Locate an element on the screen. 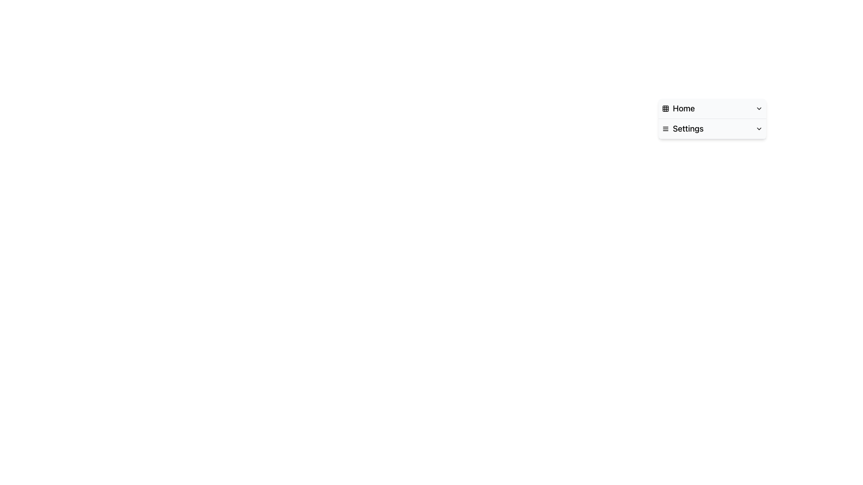  the toggle icon located at the far right of the 'Settings' option in the menu list is located at coordinates (759, 128).